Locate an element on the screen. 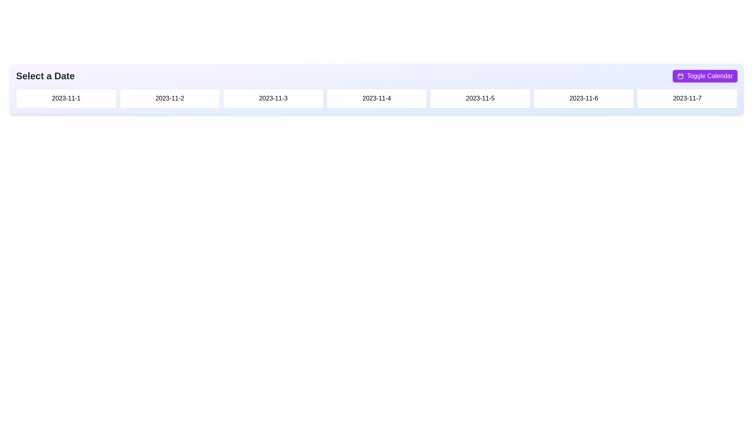 This screenshot has height=424, width=754. the button is located at coordinates (687, 98).